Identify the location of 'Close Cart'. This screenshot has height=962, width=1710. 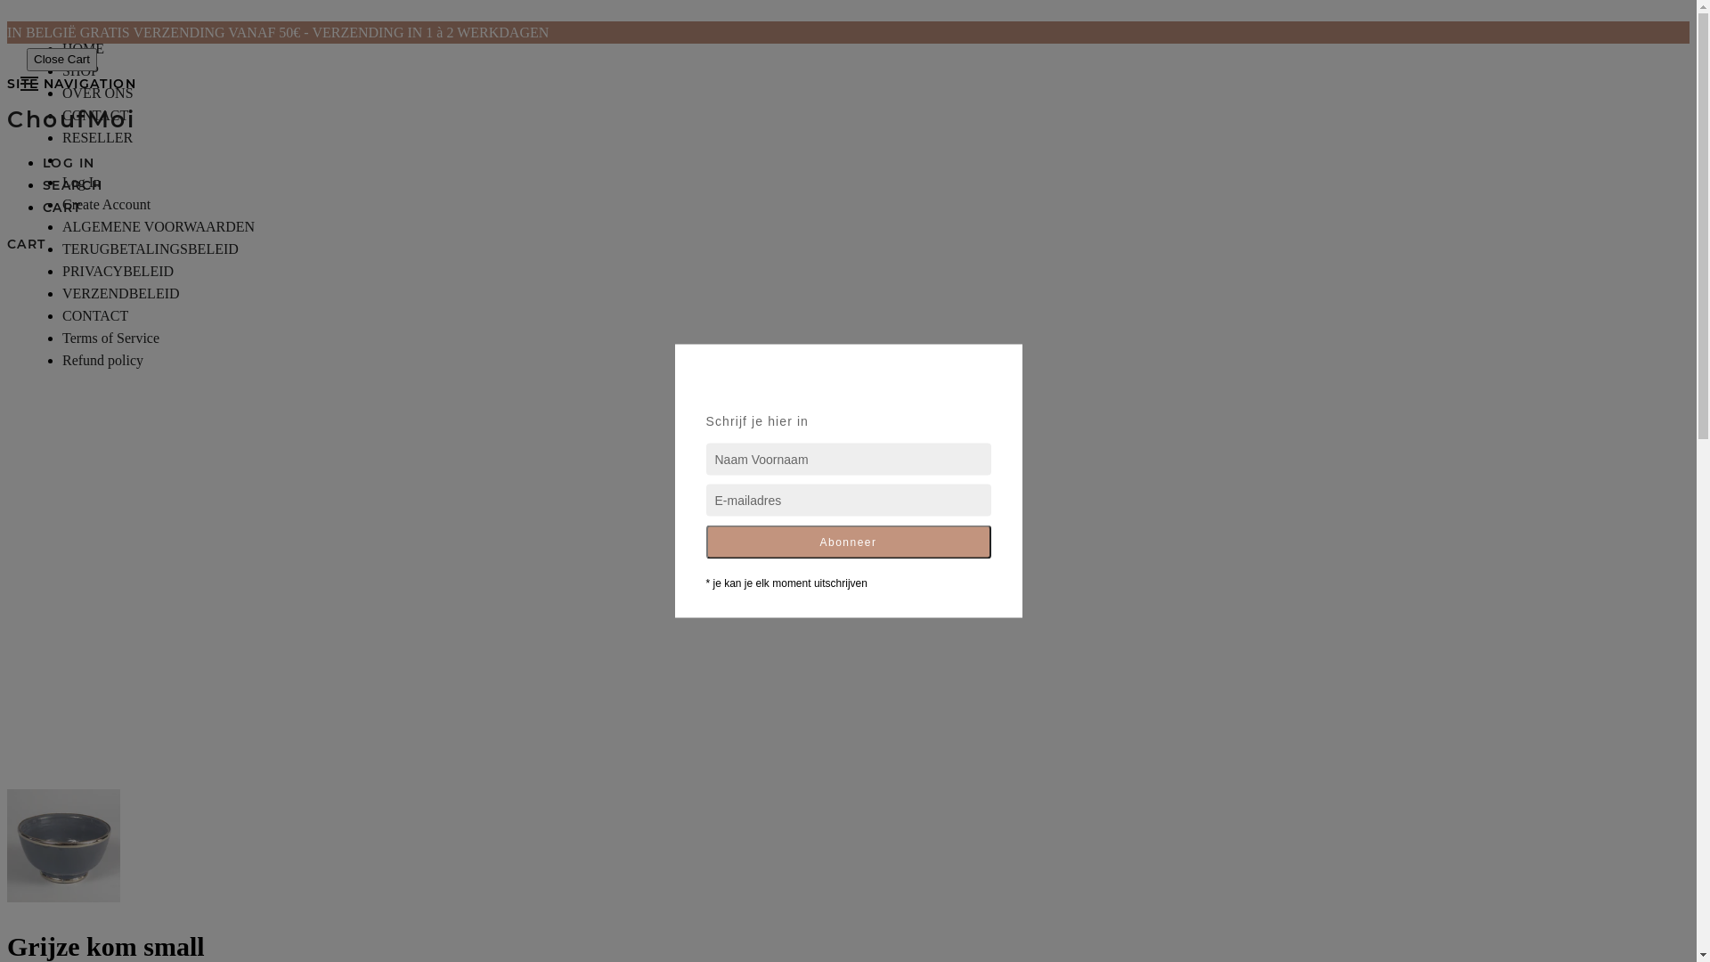
(61, 59).